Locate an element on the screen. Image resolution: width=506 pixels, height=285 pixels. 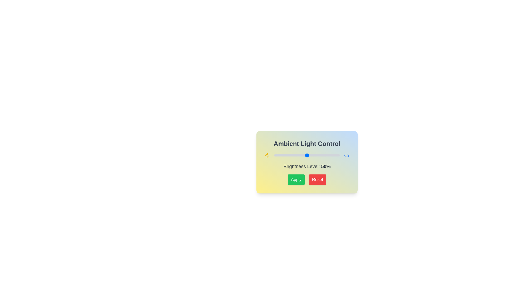
the brightness slider to 0% is located at coordinates (274, 155).